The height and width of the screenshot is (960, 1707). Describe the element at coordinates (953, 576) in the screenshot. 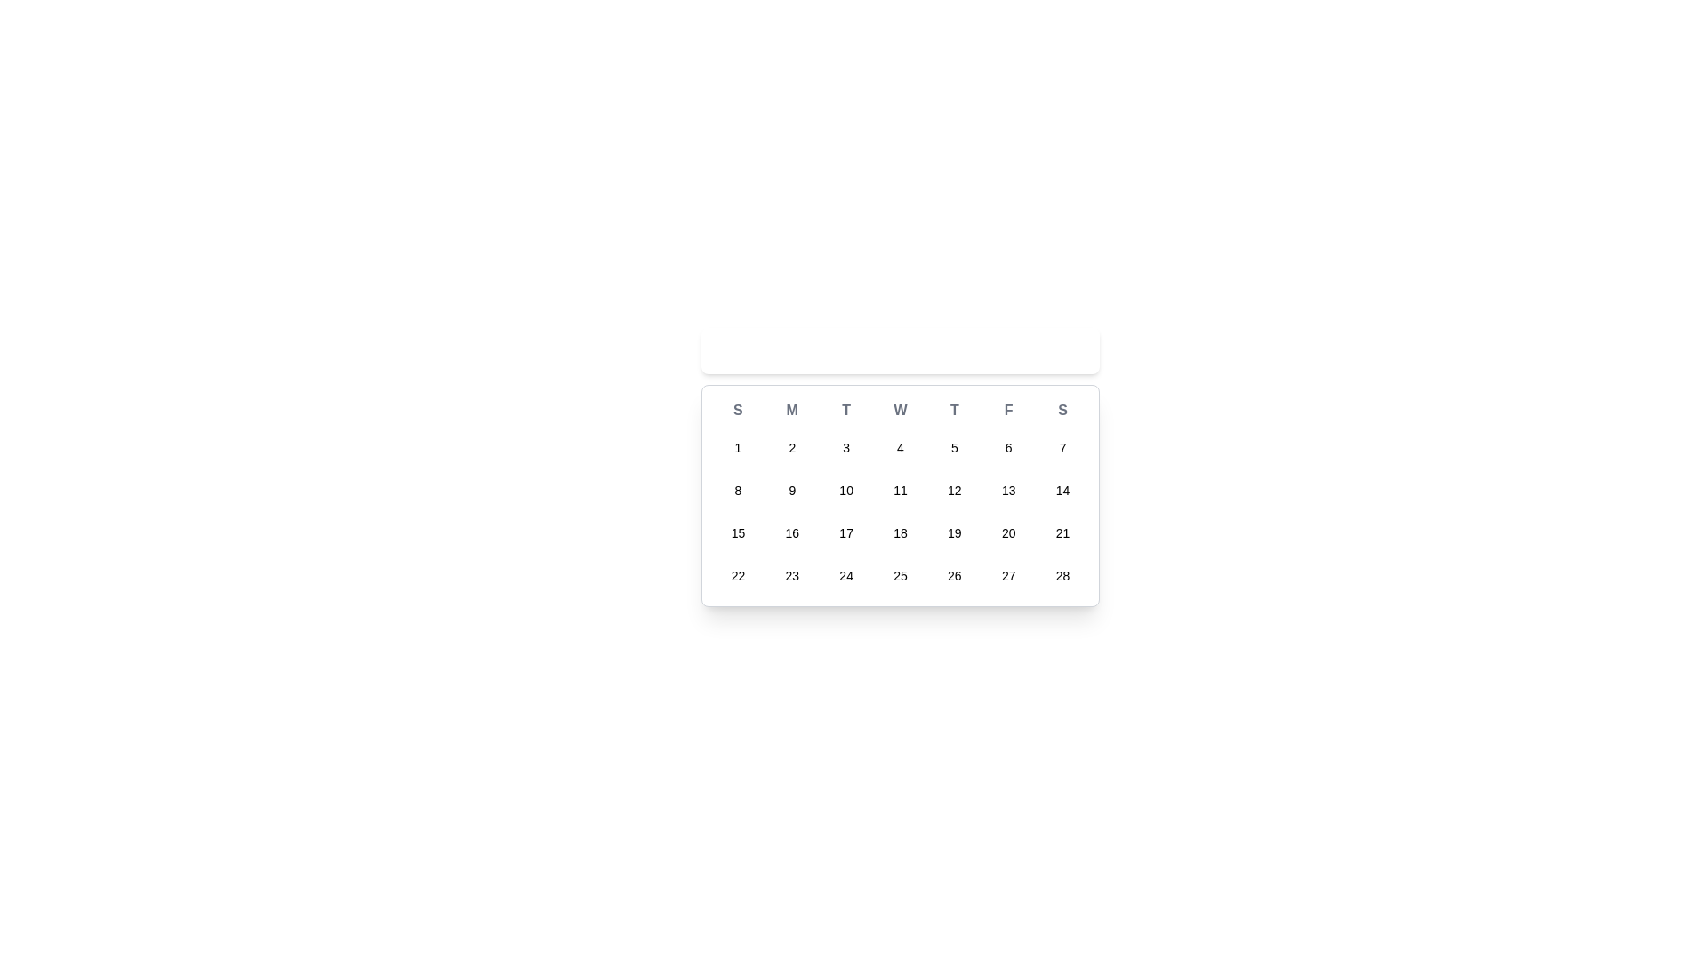

I see `the selectable day button in the calendar interface` at that location.